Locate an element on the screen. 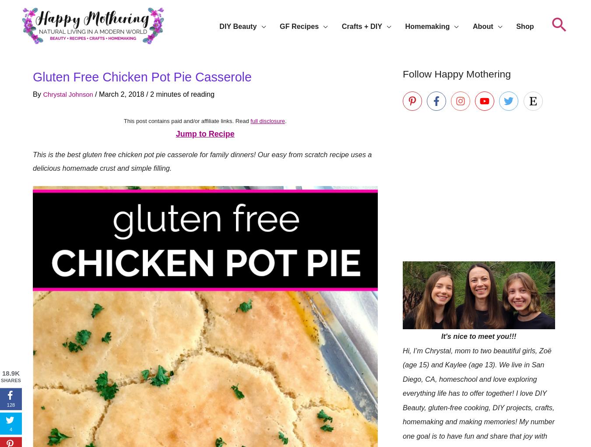 The width and height of the screenshot is (591, 447). '2 minutes of reading' is located at coordinates (155, 94).